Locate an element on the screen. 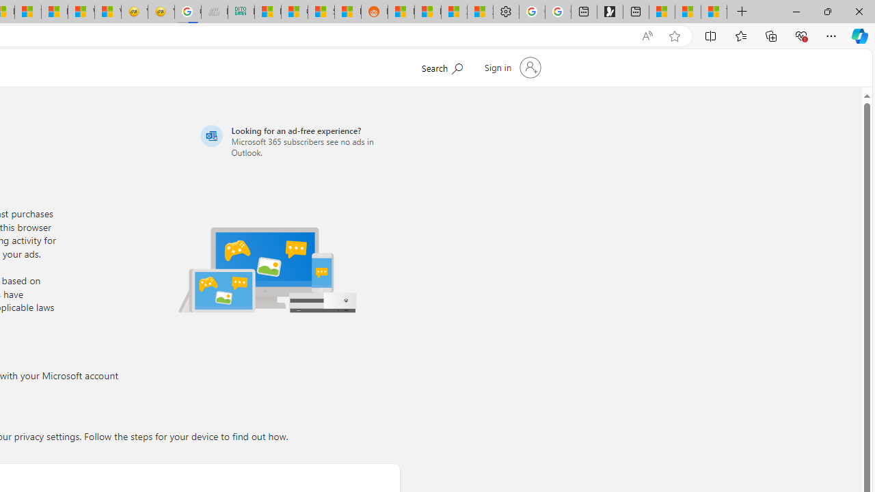  'Search Microsoft.com' is located at coordinates (442, 66).